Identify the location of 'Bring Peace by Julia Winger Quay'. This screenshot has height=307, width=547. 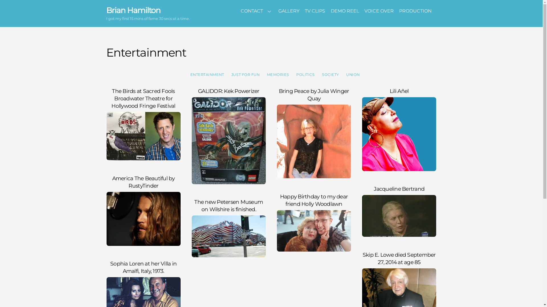
(314, 94).